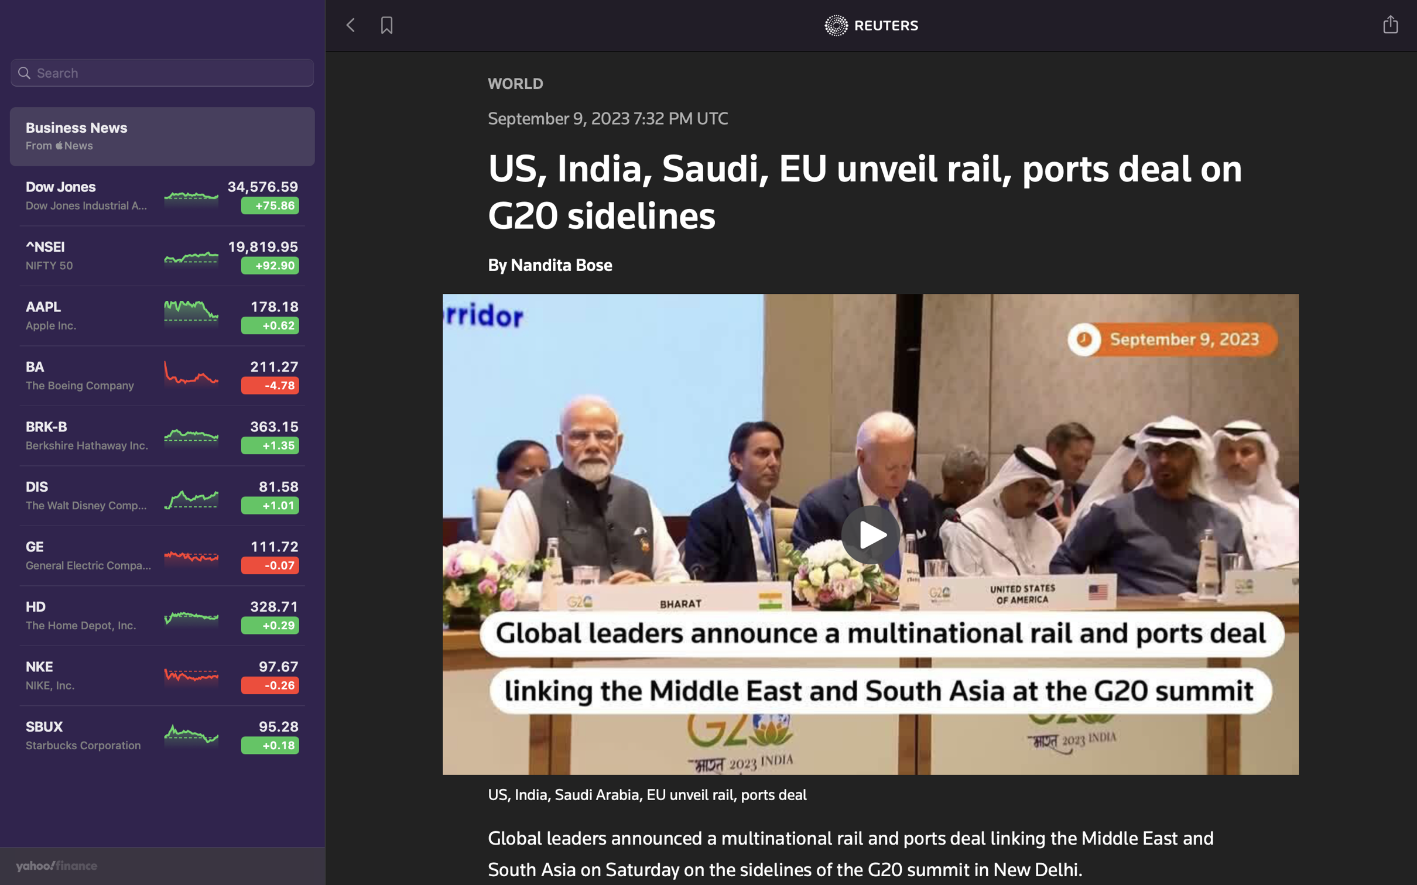 Image resolution: width=1417 pixels, height=885 pixels. What do you see at coordinates (871, 532) in the screenshot?
I see `Begin playing the news video` at bounding box center [871, 532].